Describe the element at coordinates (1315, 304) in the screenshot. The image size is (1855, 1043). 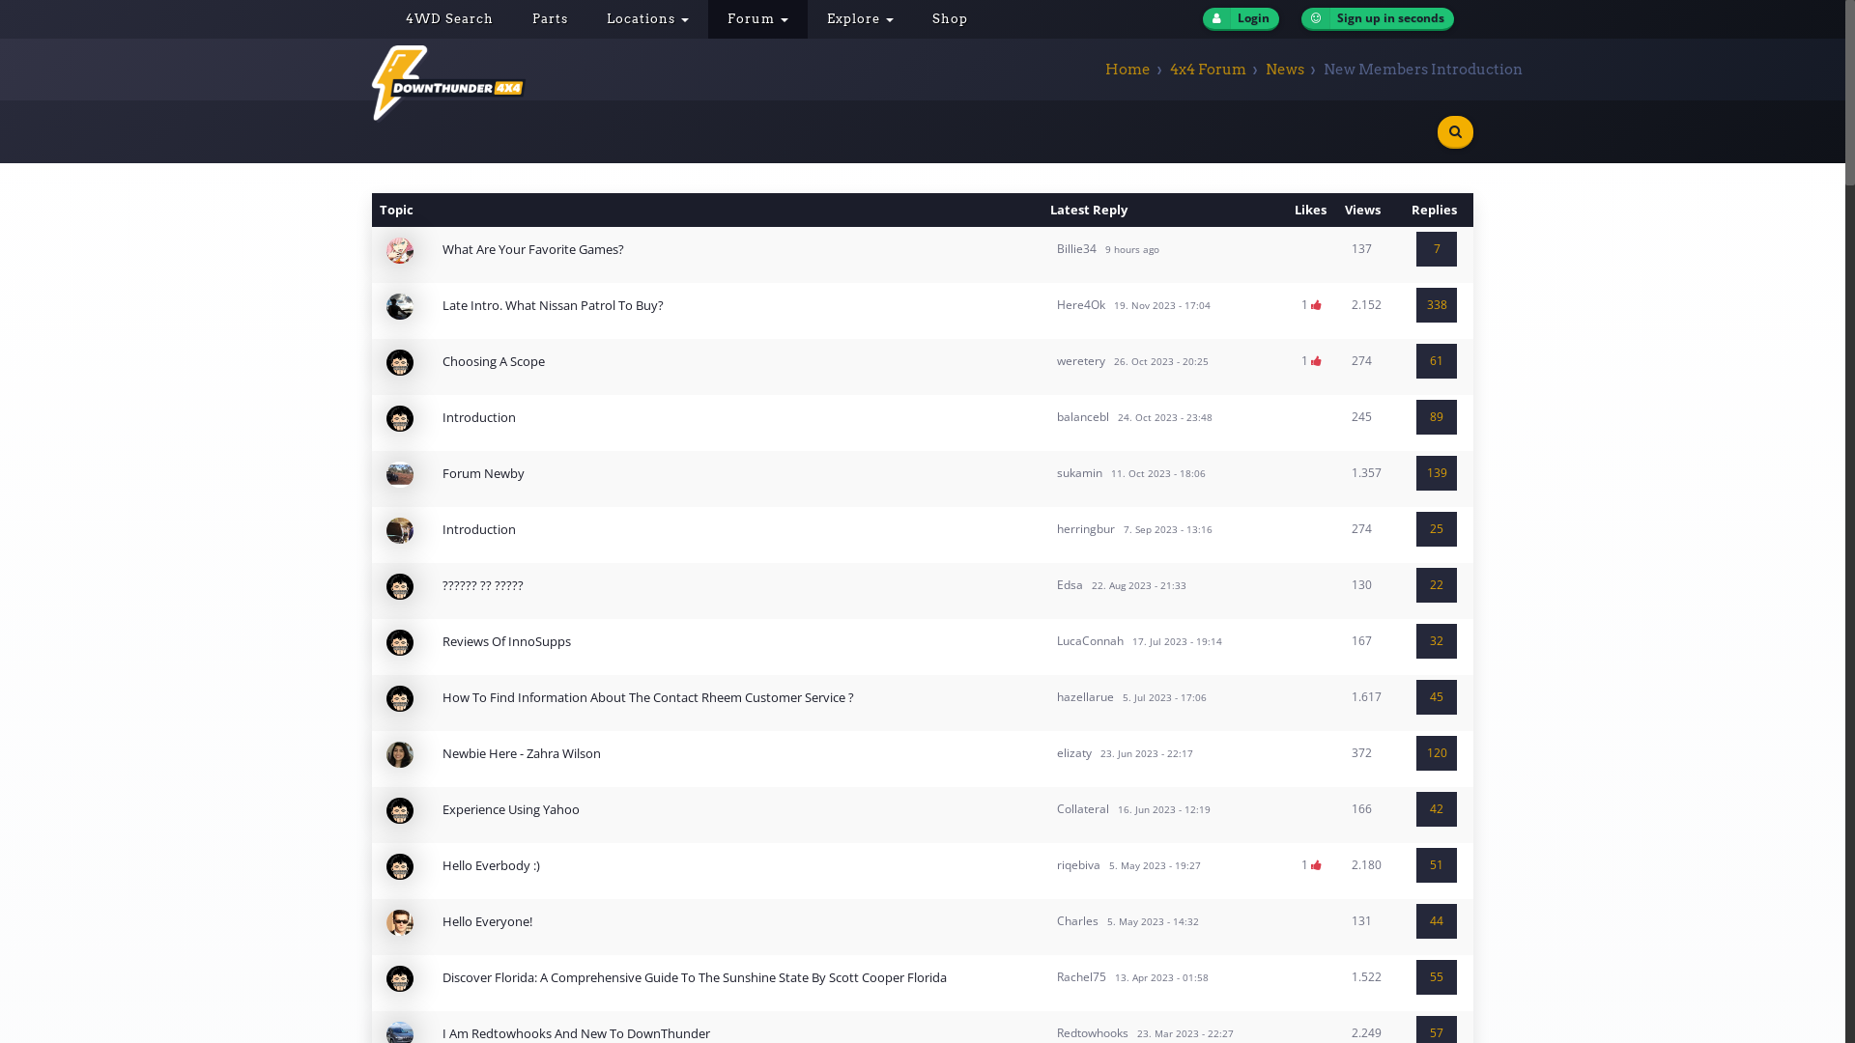
I see `'Likes'` at that location.